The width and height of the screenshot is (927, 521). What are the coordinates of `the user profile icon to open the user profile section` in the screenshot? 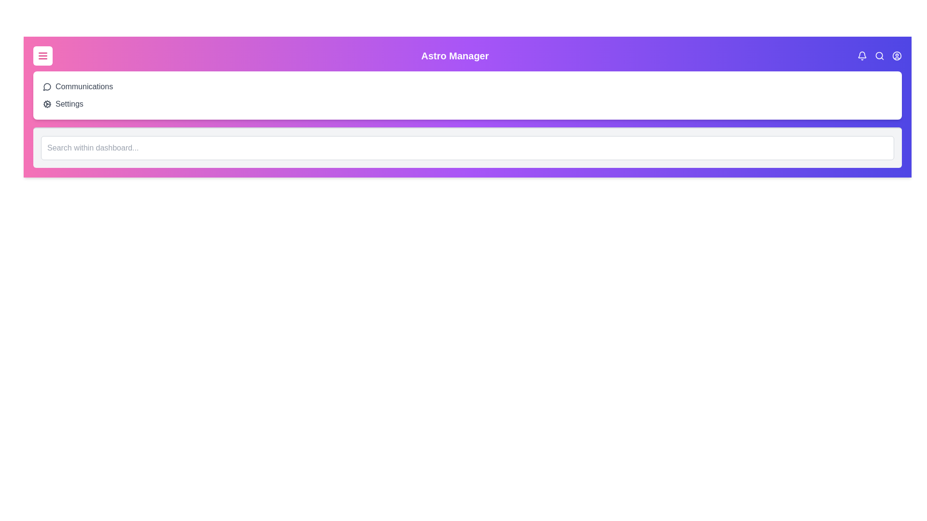 It's located at (896, 55).